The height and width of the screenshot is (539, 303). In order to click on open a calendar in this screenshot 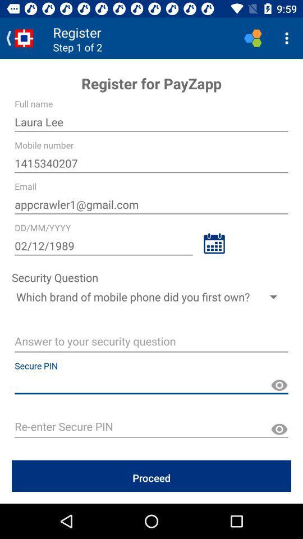, I will do `click(214, 243)`.